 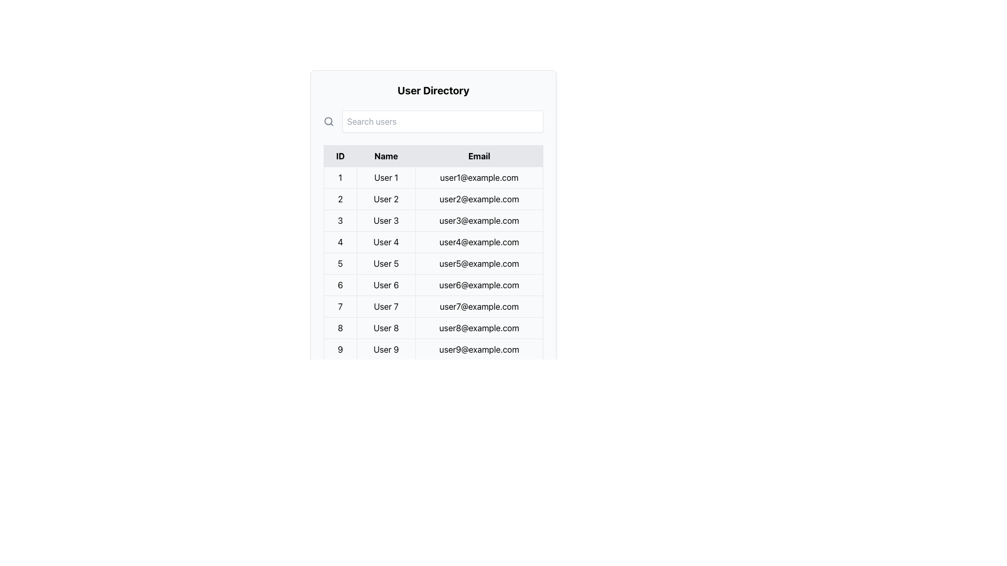 I want to click on the text label displaying the name of the user in the second row and second column of the directory table, so click(x=385, y=199).